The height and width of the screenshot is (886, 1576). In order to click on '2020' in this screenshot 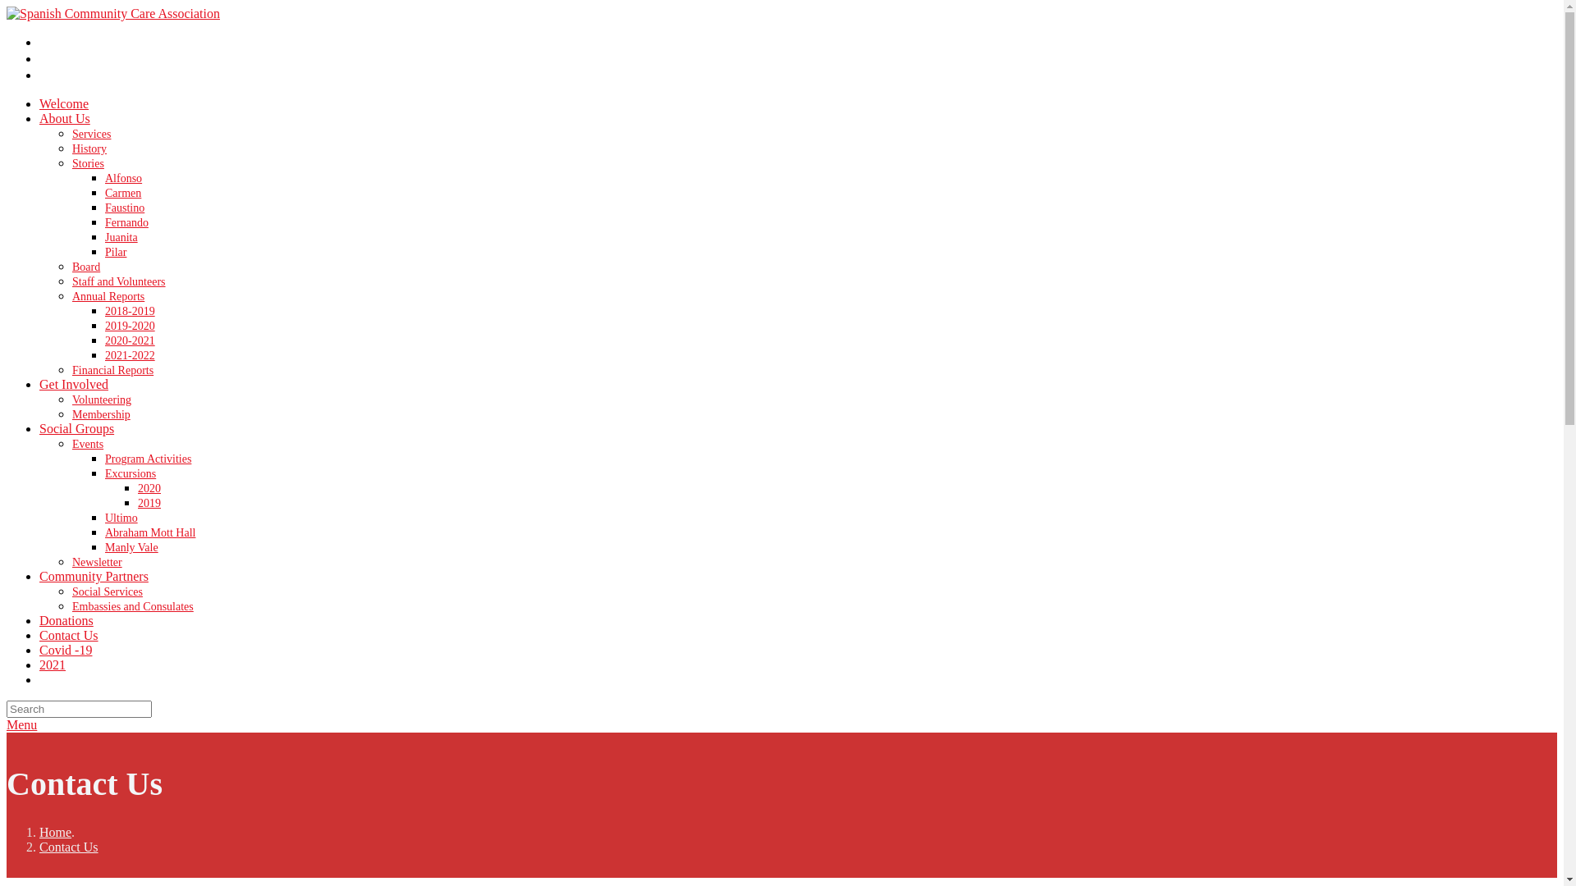, I will do `click(149, 487)`.